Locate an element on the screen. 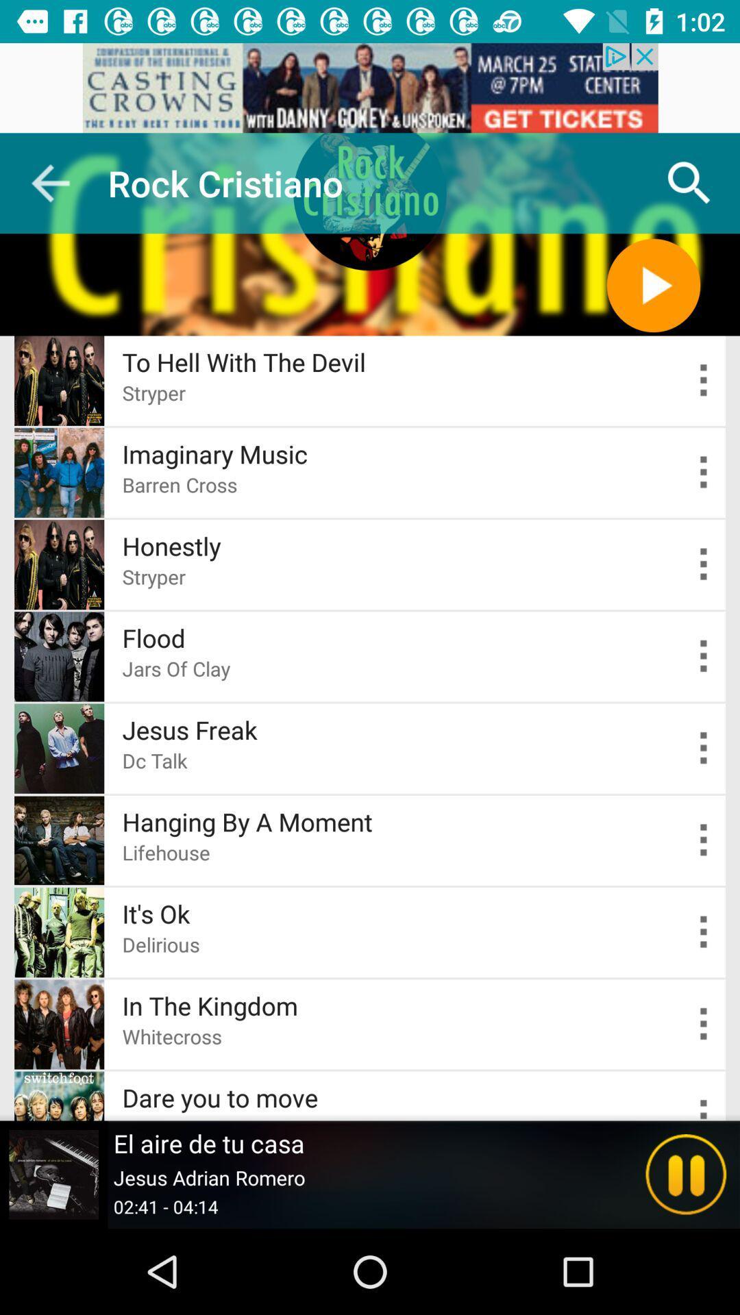  the pause icon is located at coordinates (686, 1174).